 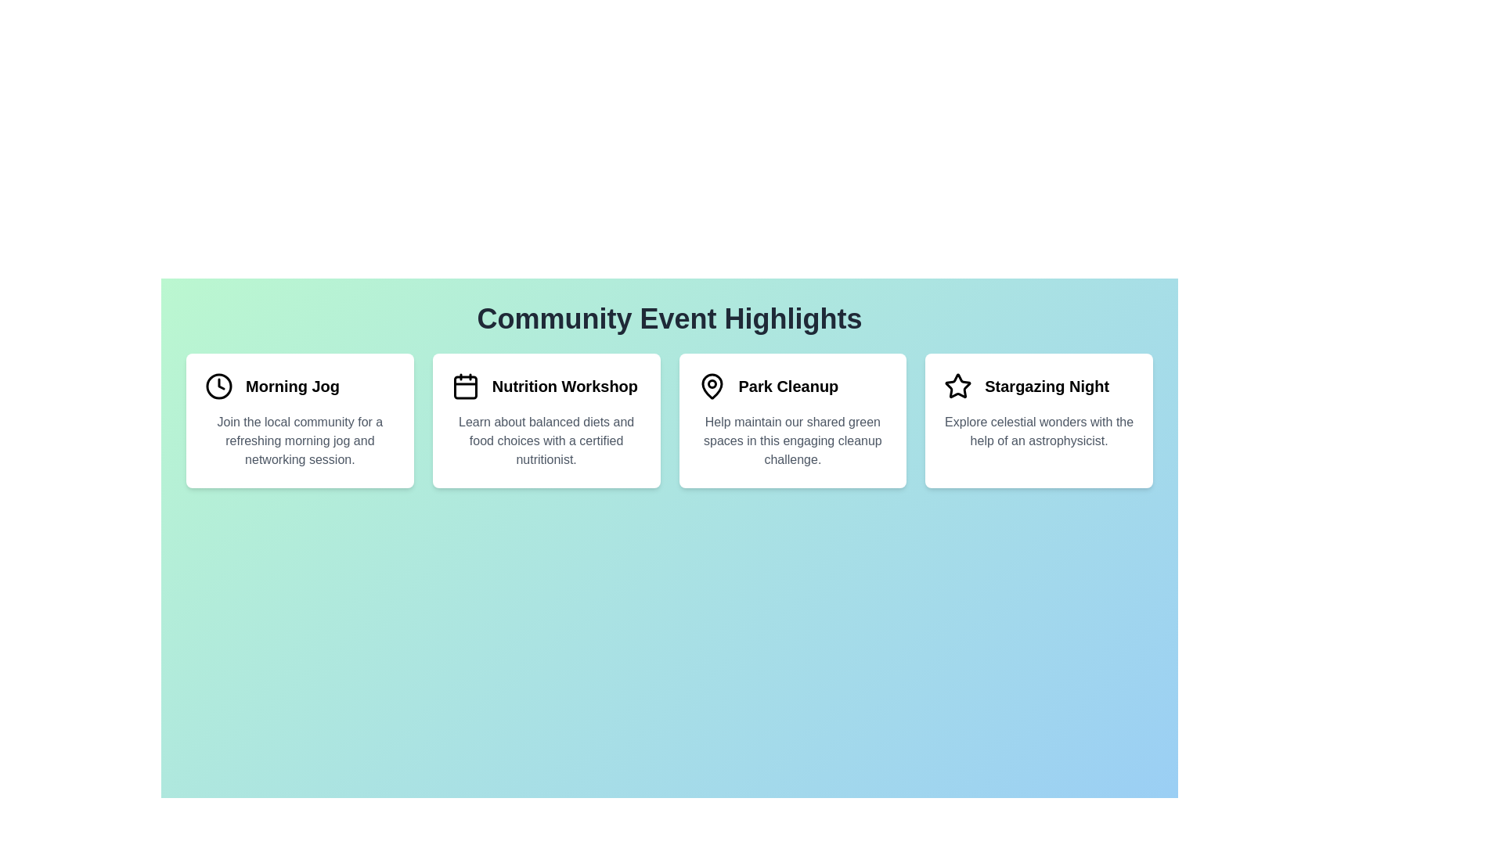 What do you see at coordinates (1039, 431) in the screenshot?
I see `the static text element that reads 'Explore celestial wonders with the help of an astrophysicist.', which is styled in gray and positioned below the bold title in the 'Stargazing Night' card` at bounding box center [1039, 431].